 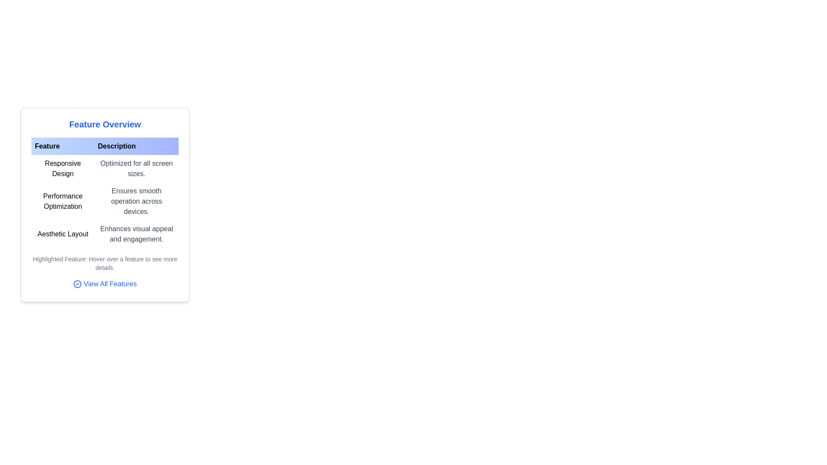 I want to click on the 'Performance Optimization' feature title in the feature grid, which is visually bolded and aligned on the left, so click(x=105, y=201).